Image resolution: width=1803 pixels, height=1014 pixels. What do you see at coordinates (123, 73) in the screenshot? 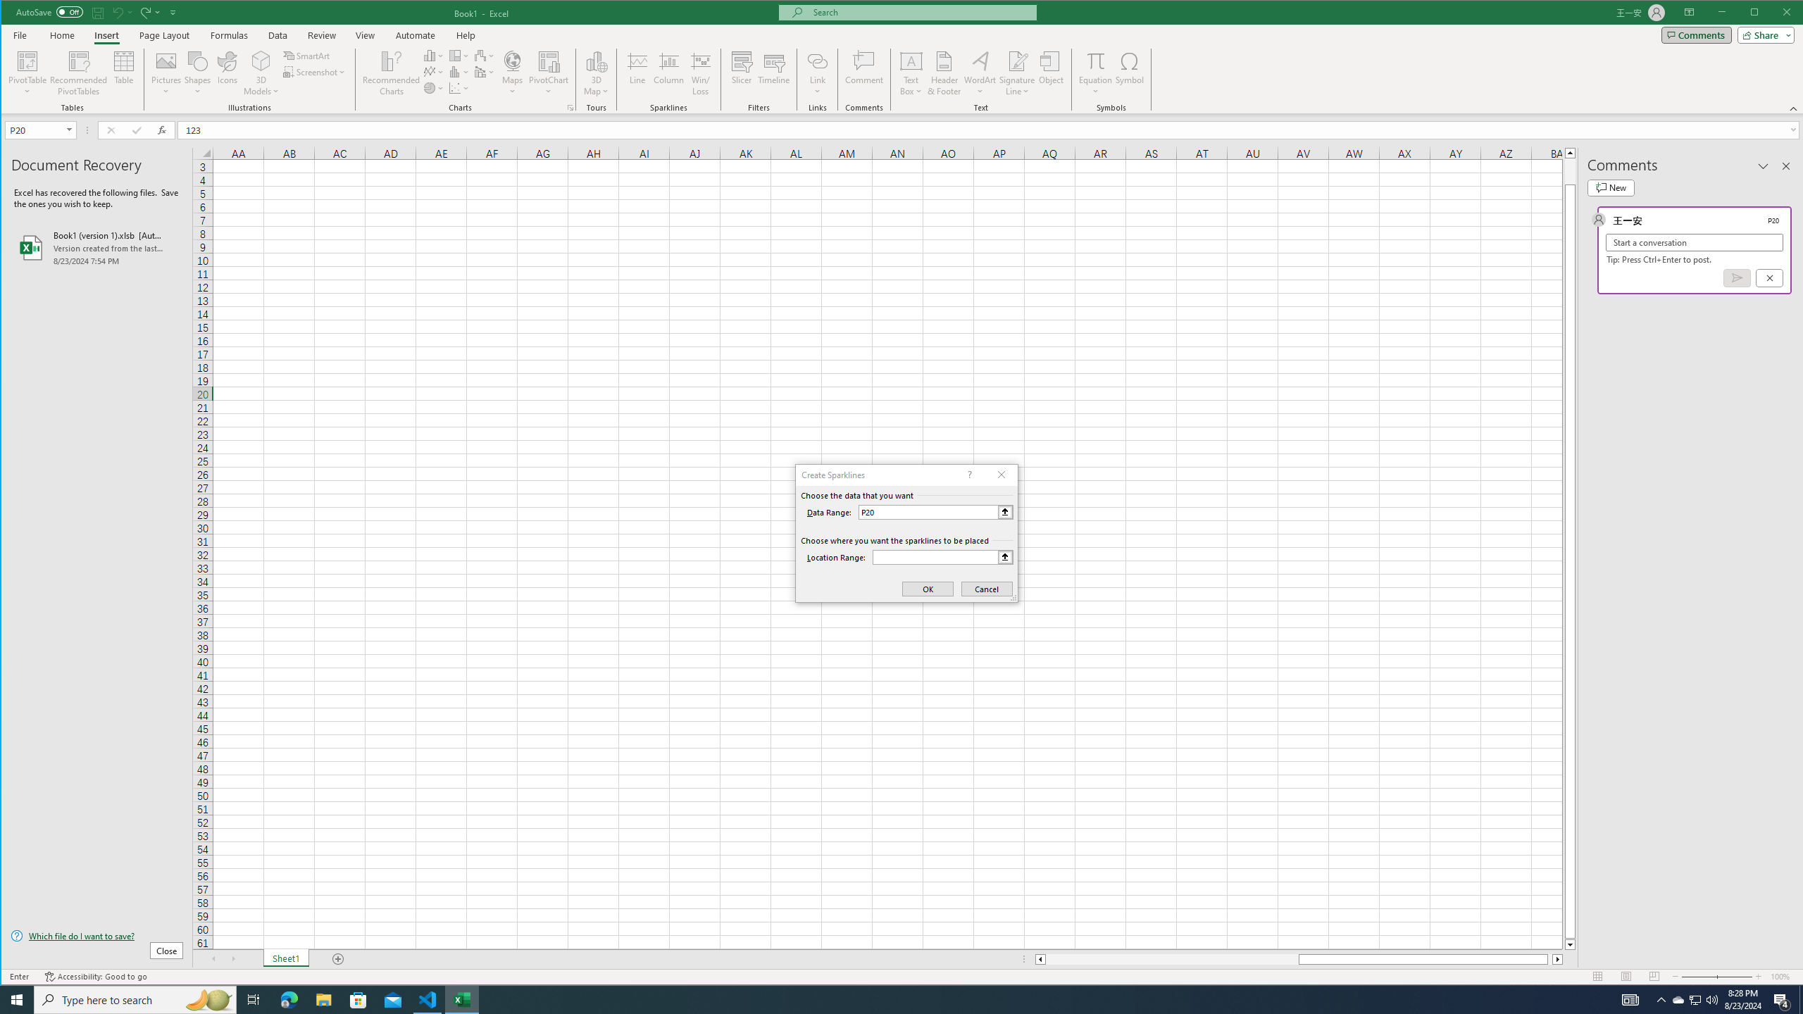
I see `'Table'` at bounding box center [123, 73].